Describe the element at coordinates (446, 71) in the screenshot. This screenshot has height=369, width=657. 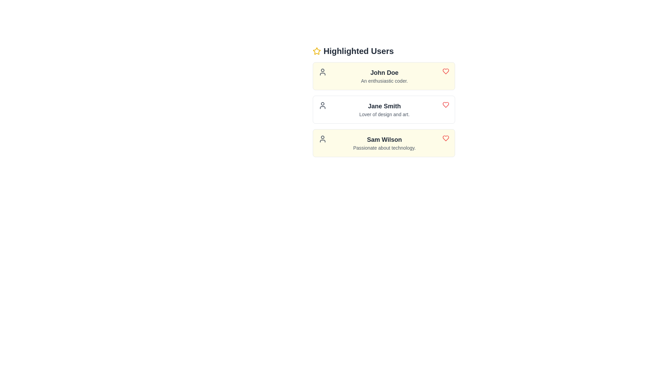
I see `the 'Heart' button for John Doe to toggle their favorite status` at that location.